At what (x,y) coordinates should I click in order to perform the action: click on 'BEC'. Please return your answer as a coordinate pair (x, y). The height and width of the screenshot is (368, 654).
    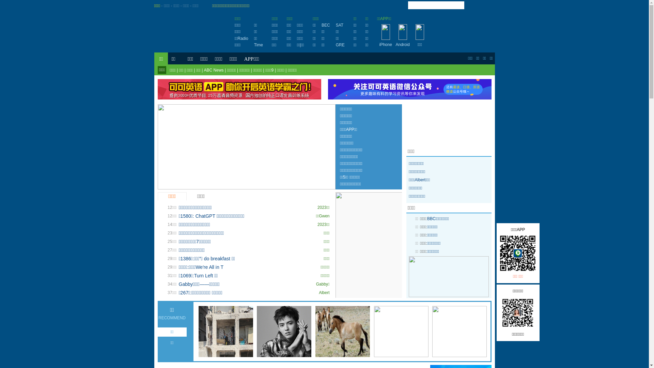
    Looking at the image, I should click on (325, 25).